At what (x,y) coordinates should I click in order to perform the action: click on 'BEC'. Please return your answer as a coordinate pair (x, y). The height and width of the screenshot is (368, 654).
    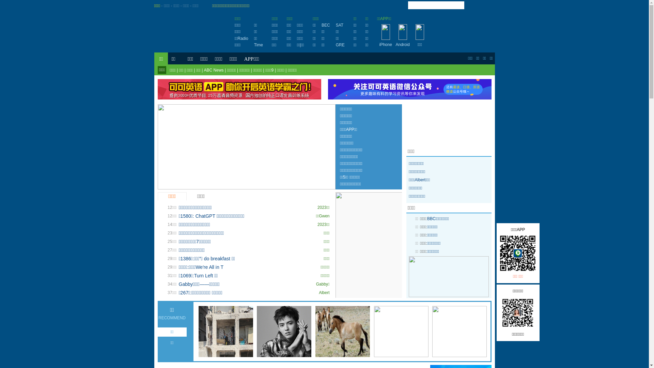
    Looking at the image, I should click on (325, 25).